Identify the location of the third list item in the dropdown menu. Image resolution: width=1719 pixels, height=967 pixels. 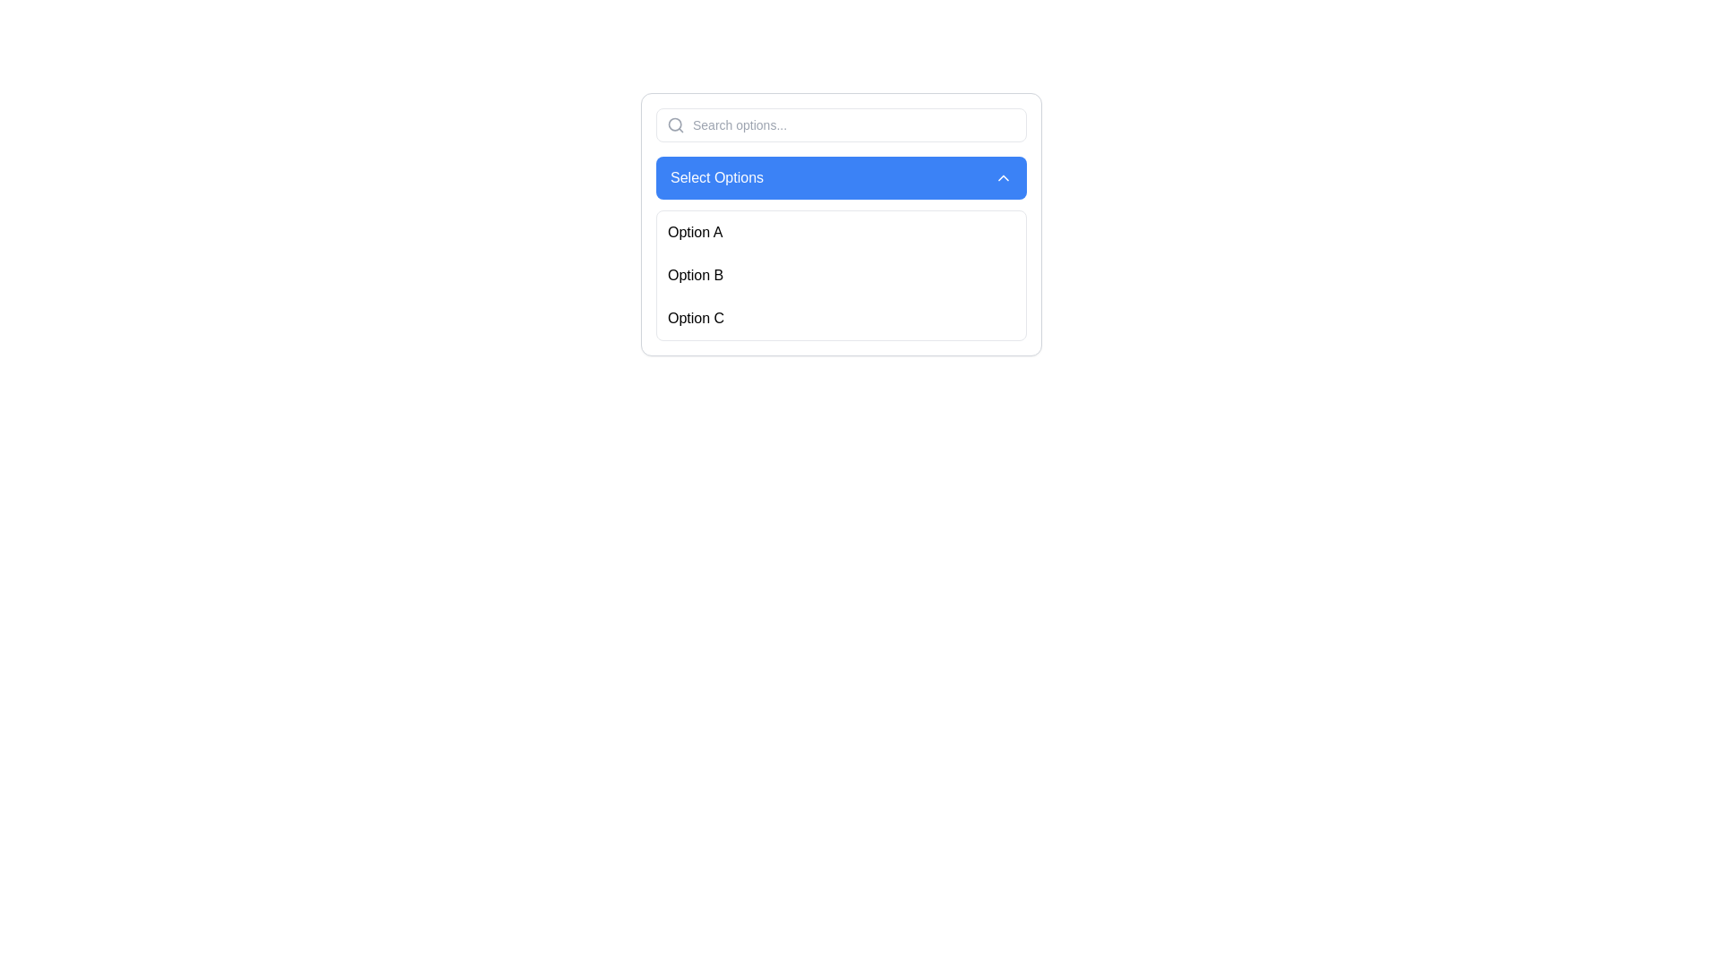
(841, 317).